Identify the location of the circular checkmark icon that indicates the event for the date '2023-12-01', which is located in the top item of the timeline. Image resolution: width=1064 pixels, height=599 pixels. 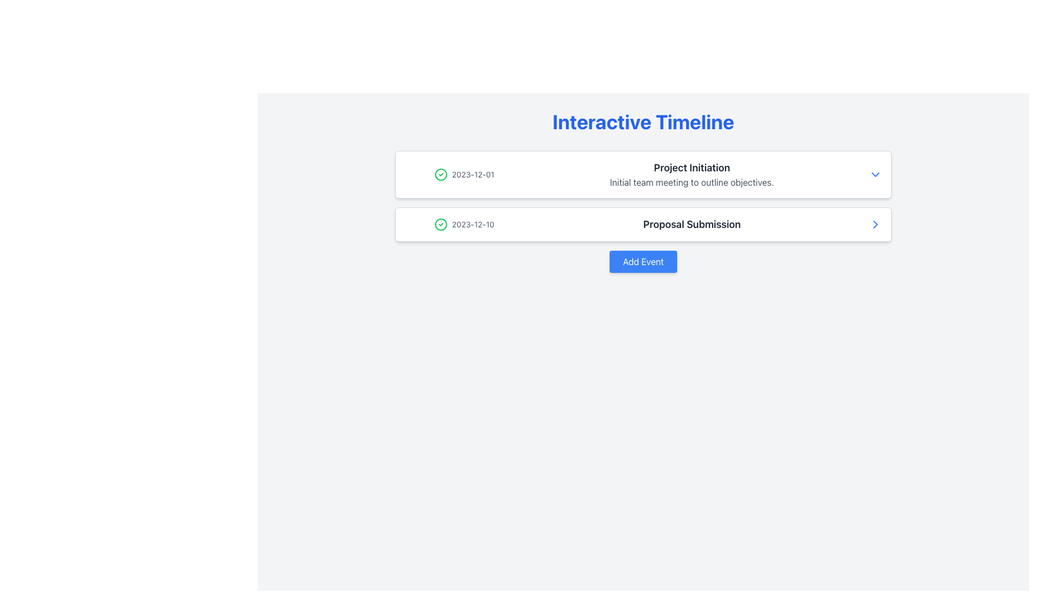
(440, 175).